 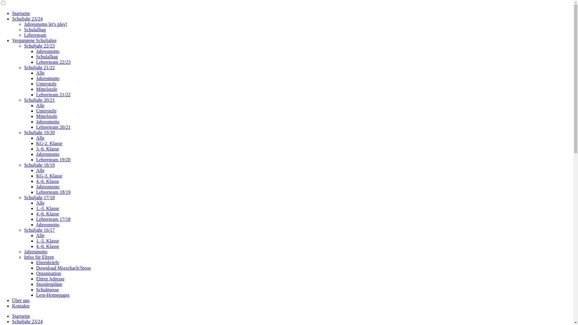 I want to click on 'Unterstufe', so click(x=46, y=84).